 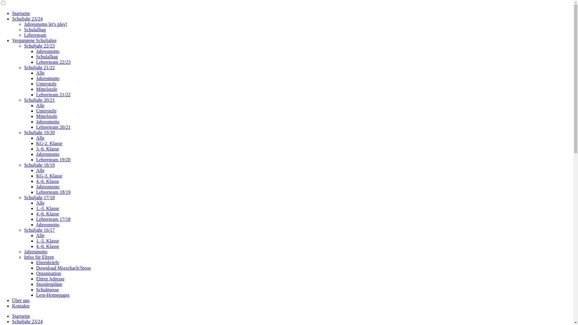 I want to click on 'Unterstufe', so click(x=46, y=84).